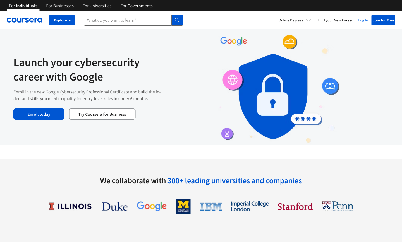  I want to click on "For Government" page on Coursera website, so click(136, 5).